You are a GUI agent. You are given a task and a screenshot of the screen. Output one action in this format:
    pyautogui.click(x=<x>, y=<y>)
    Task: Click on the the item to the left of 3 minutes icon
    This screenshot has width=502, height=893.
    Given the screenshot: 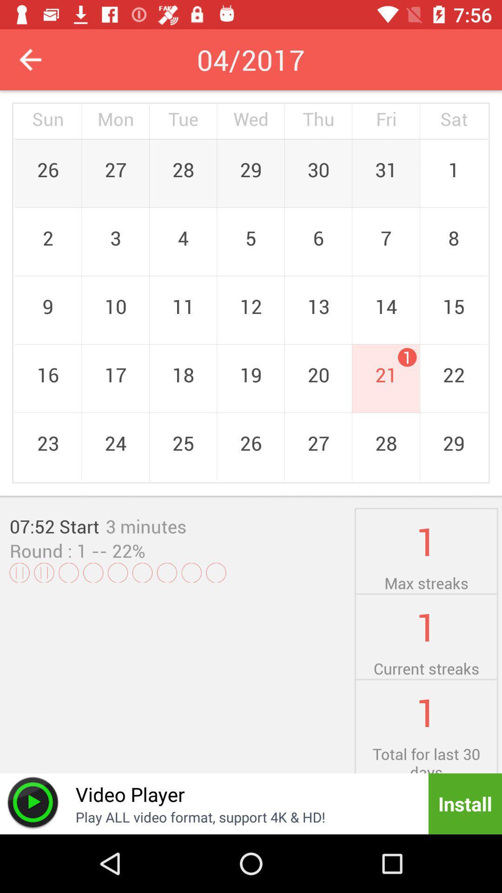 What is the action you would take?
    pyautogui.click(x=54, y=526)
    